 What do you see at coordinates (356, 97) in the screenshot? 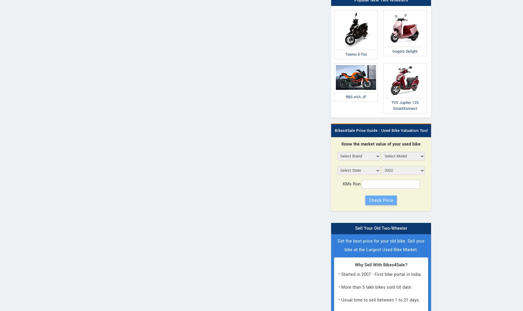
I see `'RBS eVA JF'` at bounding box center [356, 97].